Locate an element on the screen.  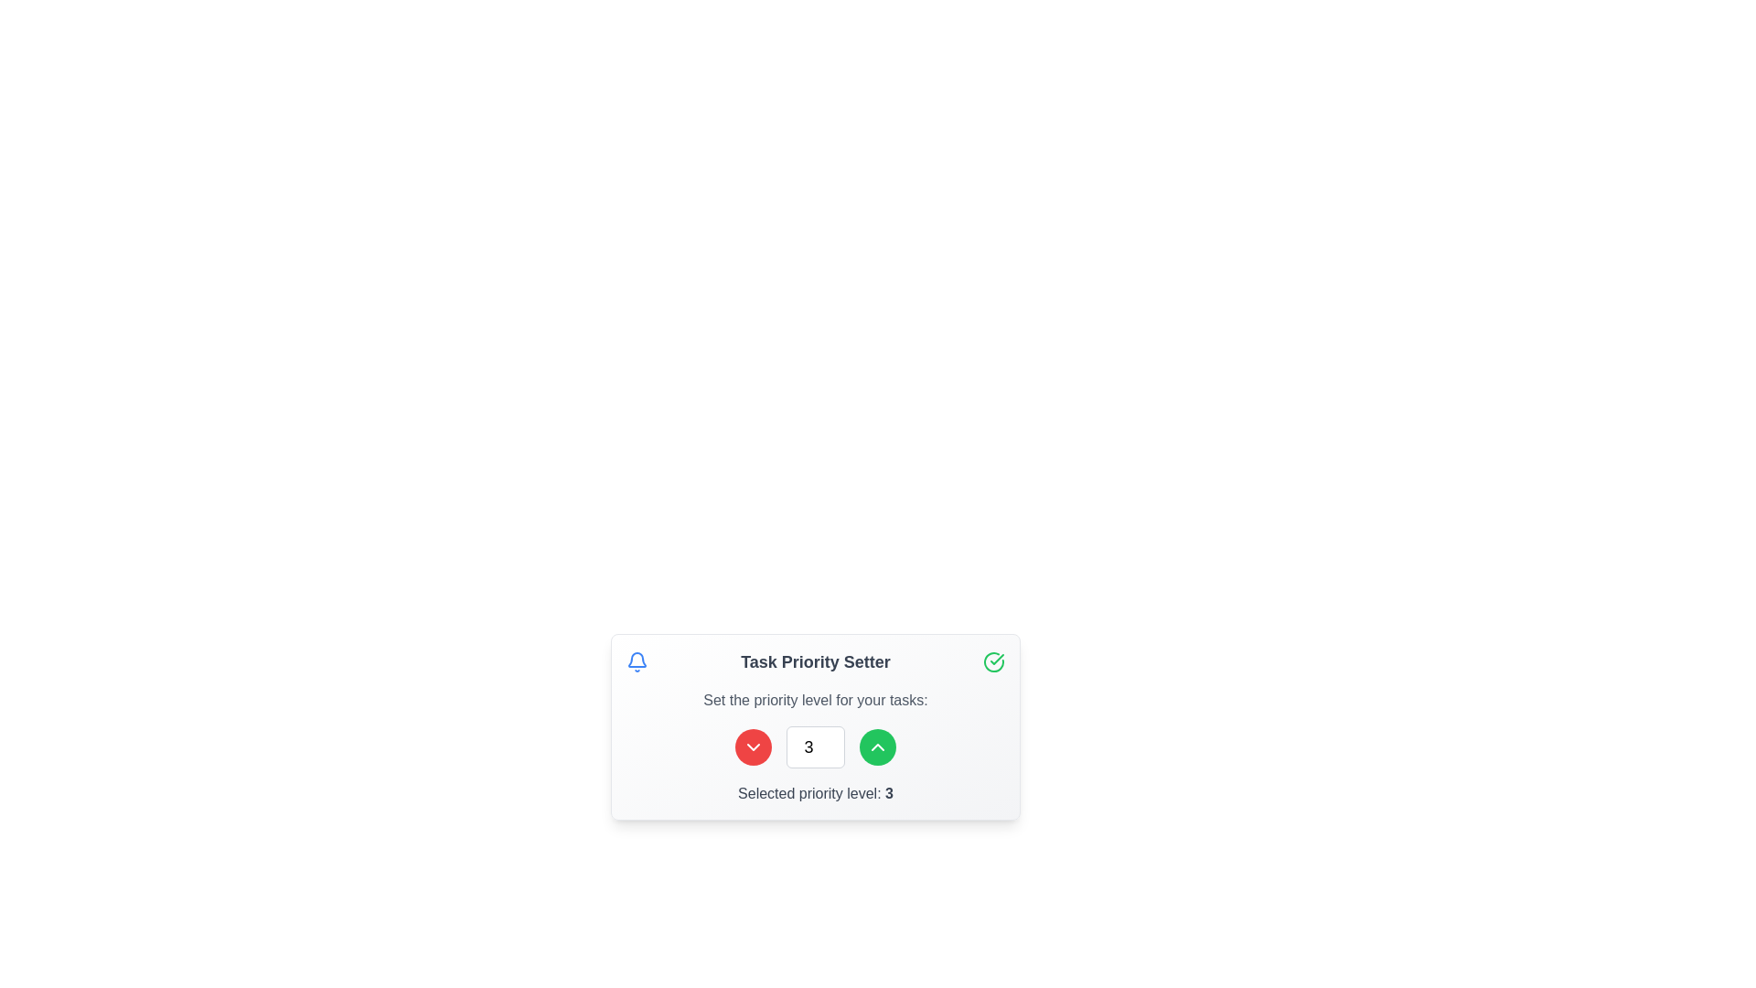
the button that increases the numerical value for priority levels, located rightmost among sibling elements and adjacent to a red circular button with a downward chevron is located at coordinates (878, 747).